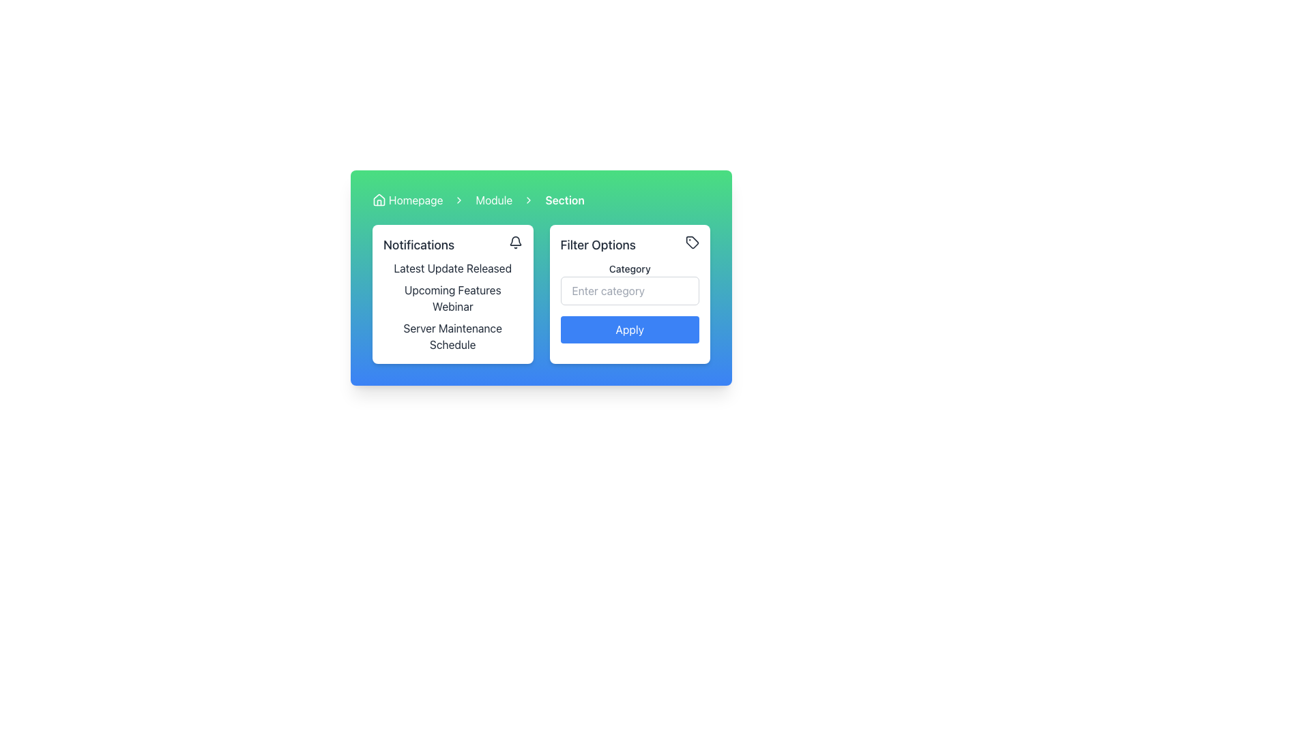  What do you see at coordinates (629, 269) in the screenshot?
I see `the 'Category' label in the 'Filter Options' panel, which displays the text in a sans-serif font style above a text input field` at bounding box center [629, 269].